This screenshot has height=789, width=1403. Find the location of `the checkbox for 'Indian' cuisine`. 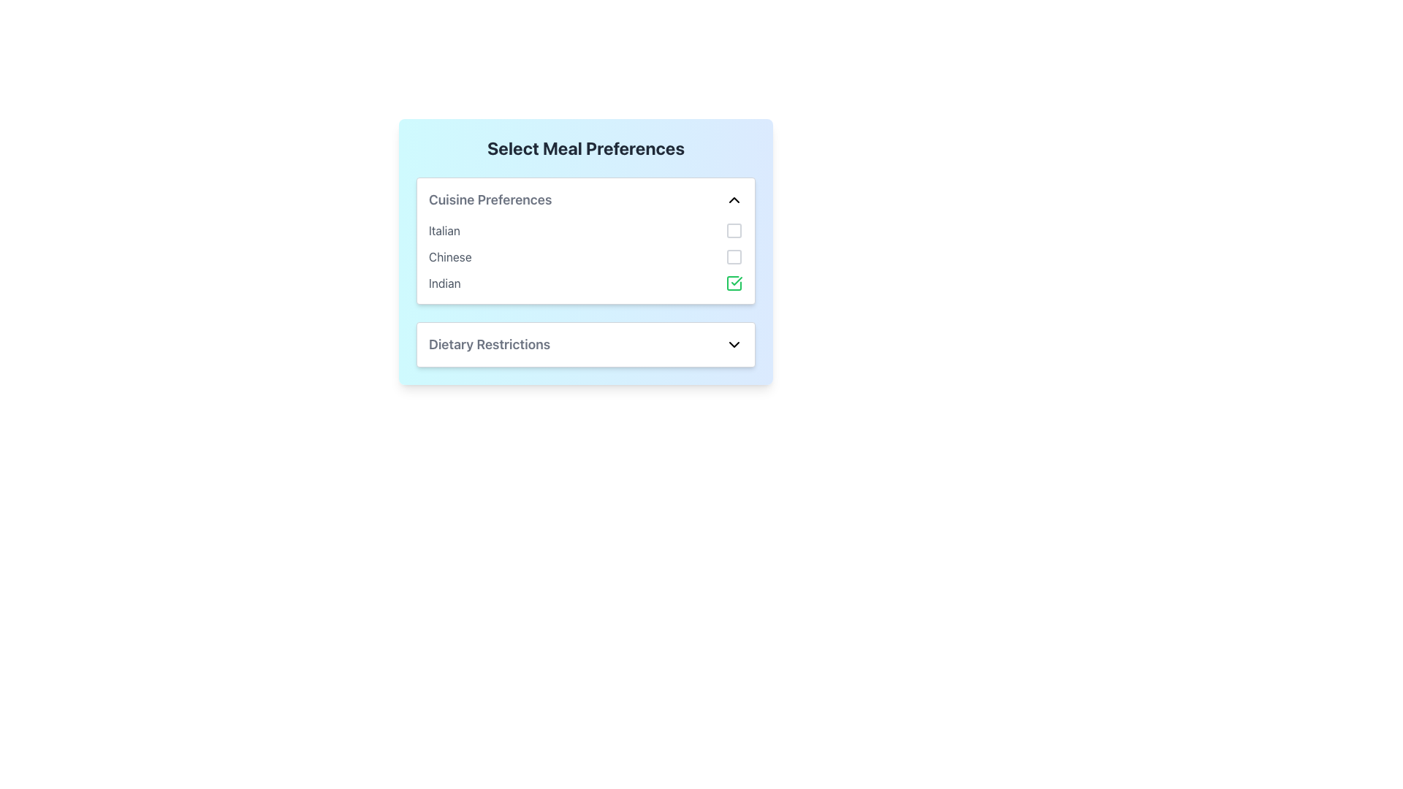

the checkbox for 'Indian' cuisine is located at coordinates (734, 283).